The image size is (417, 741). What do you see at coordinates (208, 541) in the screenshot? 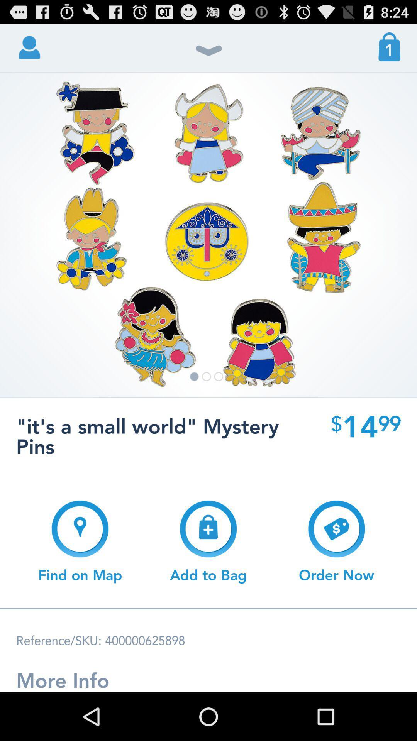
I see `the button next to find on map` at bounding box center [208, 541].